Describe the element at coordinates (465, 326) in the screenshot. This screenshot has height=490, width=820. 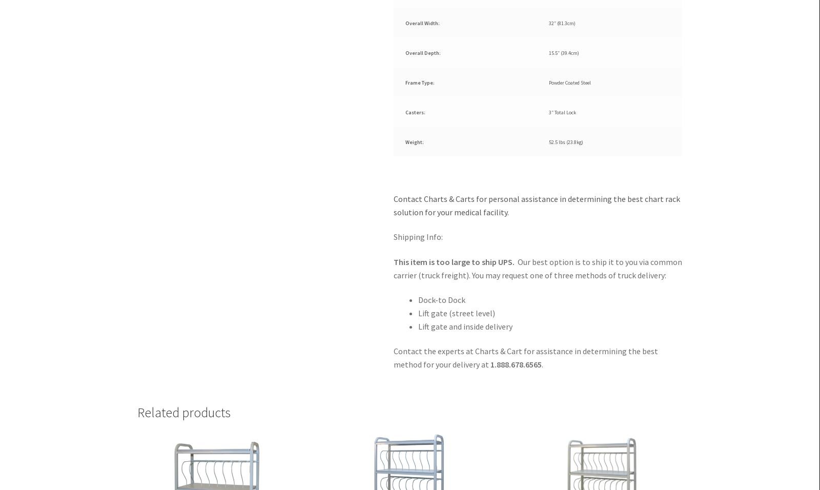
I see `'Lift gate and inside delivery'` at that location.